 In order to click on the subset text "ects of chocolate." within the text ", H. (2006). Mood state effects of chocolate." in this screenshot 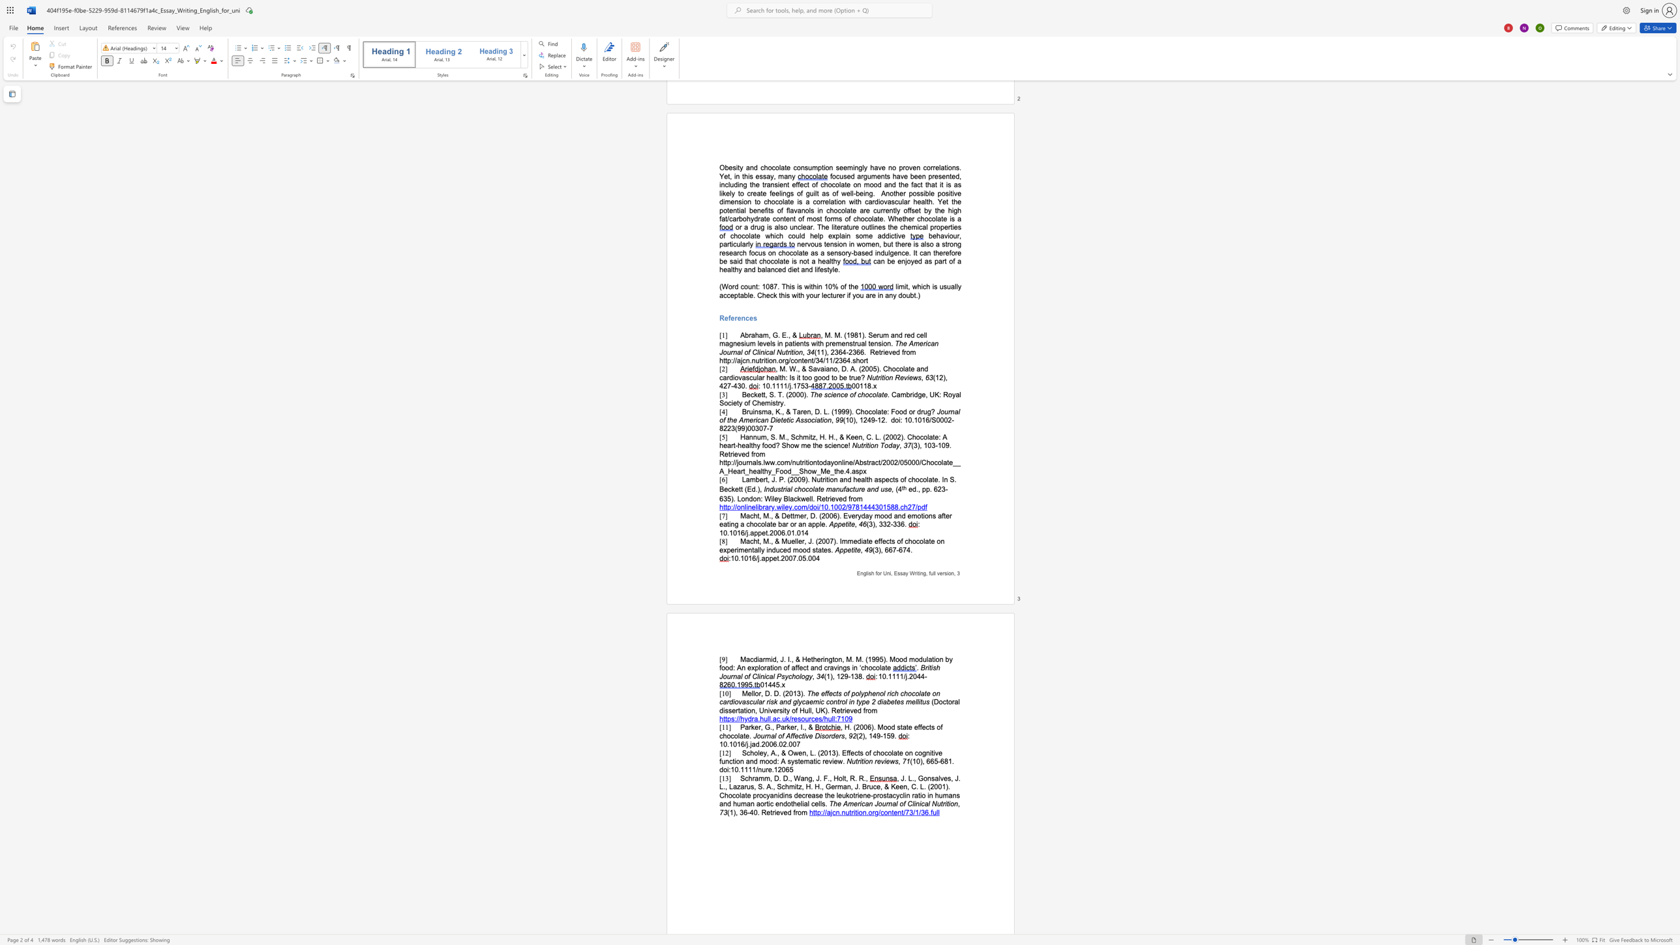, I will do `click(922, 727)`.